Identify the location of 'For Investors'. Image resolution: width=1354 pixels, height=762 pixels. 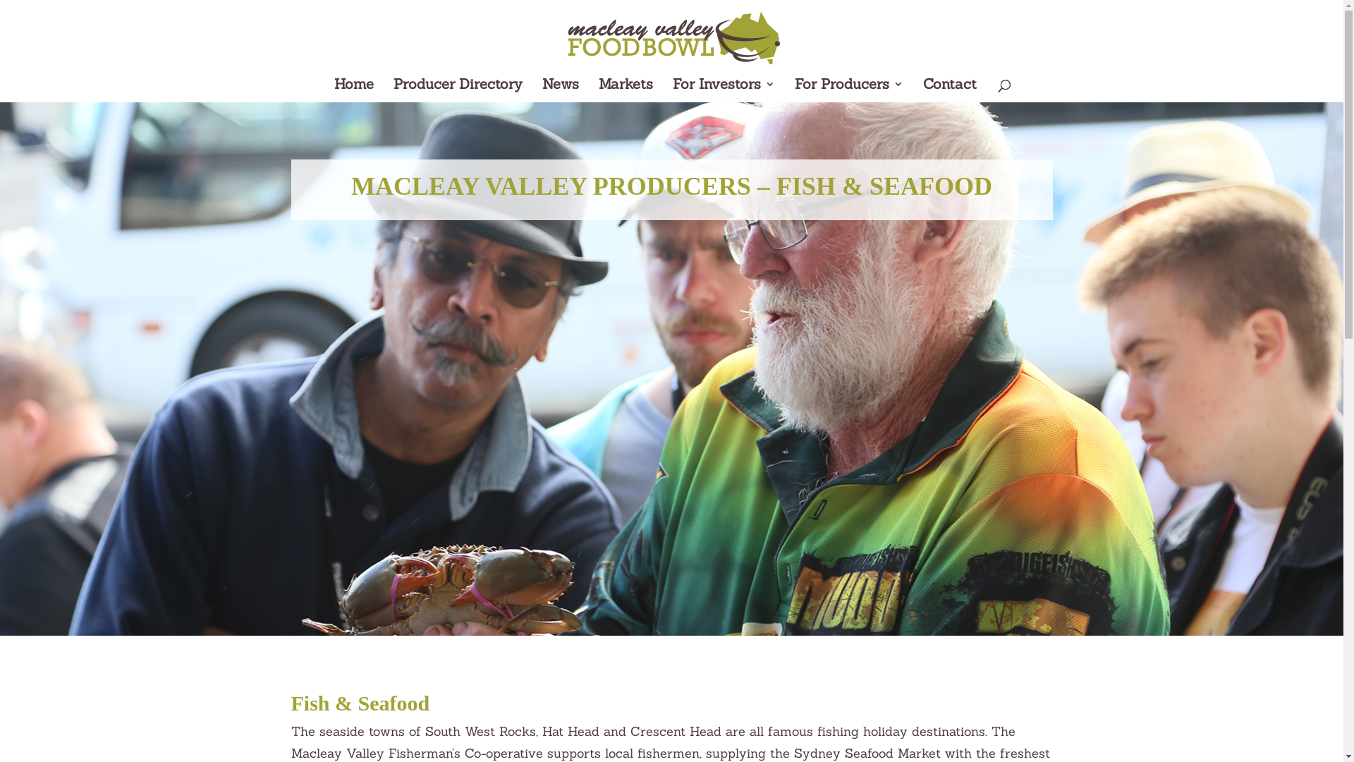
(724, 90).